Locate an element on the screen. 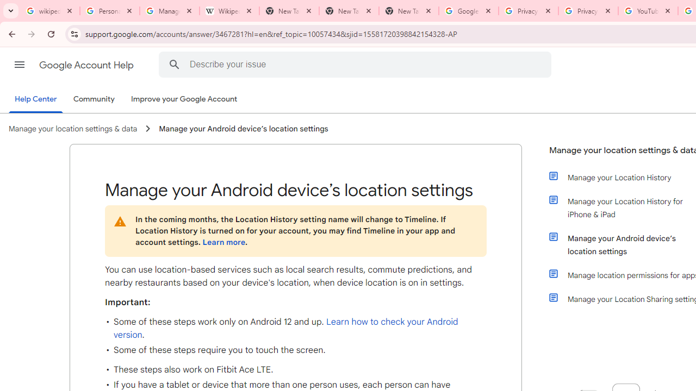 The height and width of the screenshot is (391, 696). 'Personalization & Google Search results - Google Search Help' is located at coordinates (110, 11).